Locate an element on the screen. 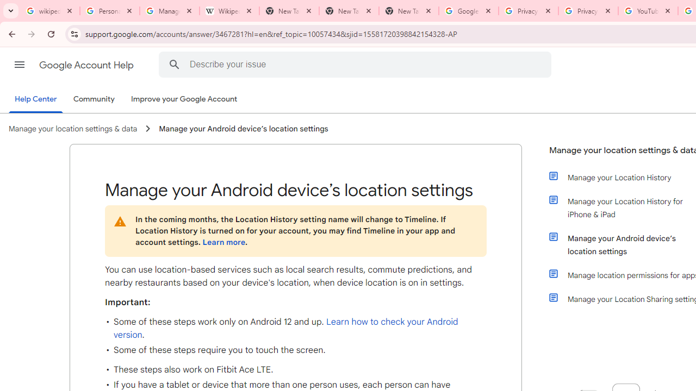 The height and width of the screenshot is (391, 696). 'Personalization & Google Search results - Google Search Help' is located at coordinates (110, 11).